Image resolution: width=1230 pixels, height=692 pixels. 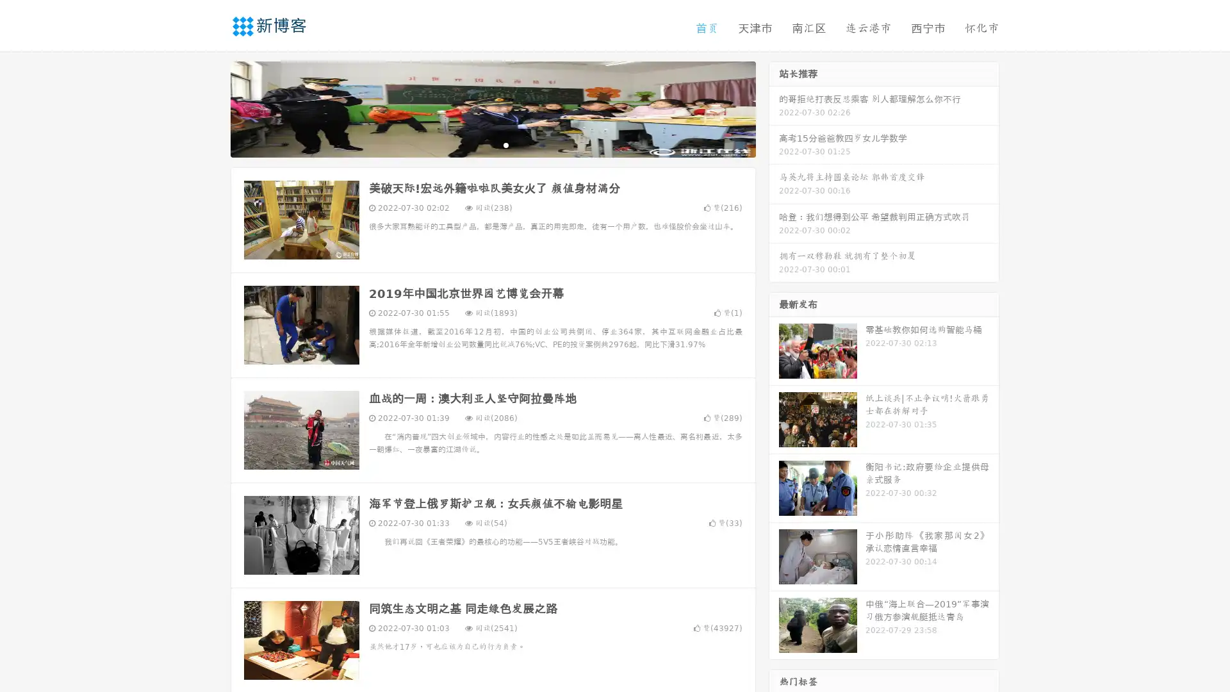 What do you see at coordinates (479, 144) in the screenshot?
I see `Go to slide 1` at bounding box center [479, 144].